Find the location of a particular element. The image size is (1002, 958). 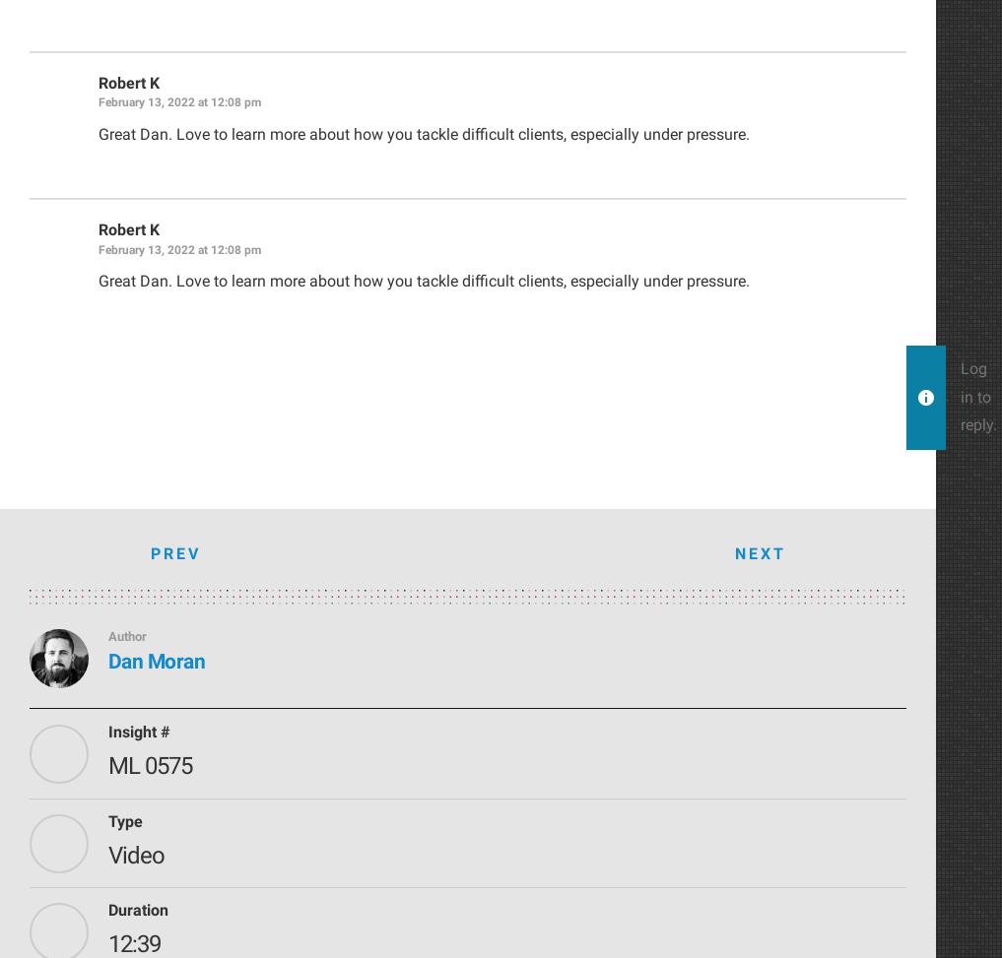

'Prev' is located at coordinates (149, 553).